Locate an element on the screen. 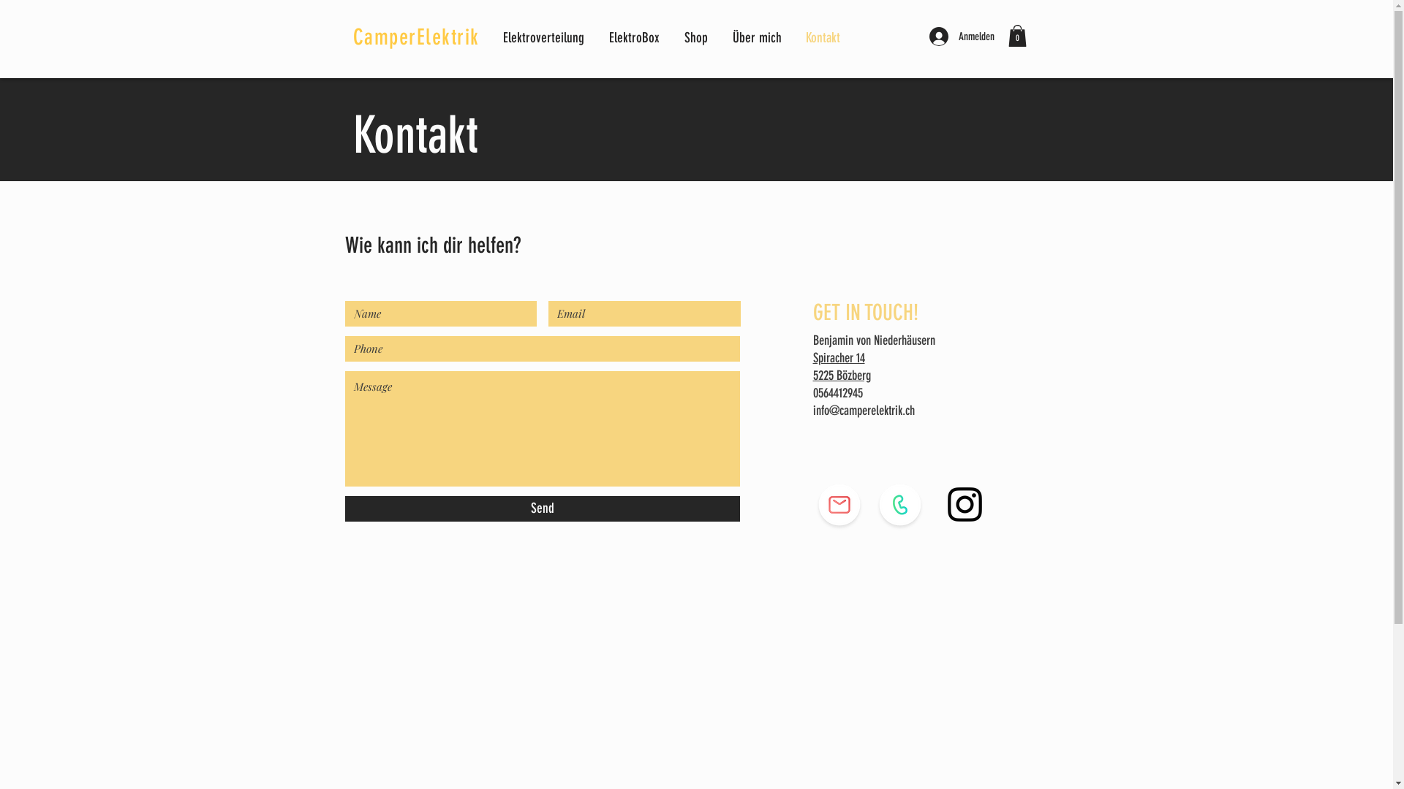 The image size is (1404, 789). 'Send' is located at coordinates (542, 508).